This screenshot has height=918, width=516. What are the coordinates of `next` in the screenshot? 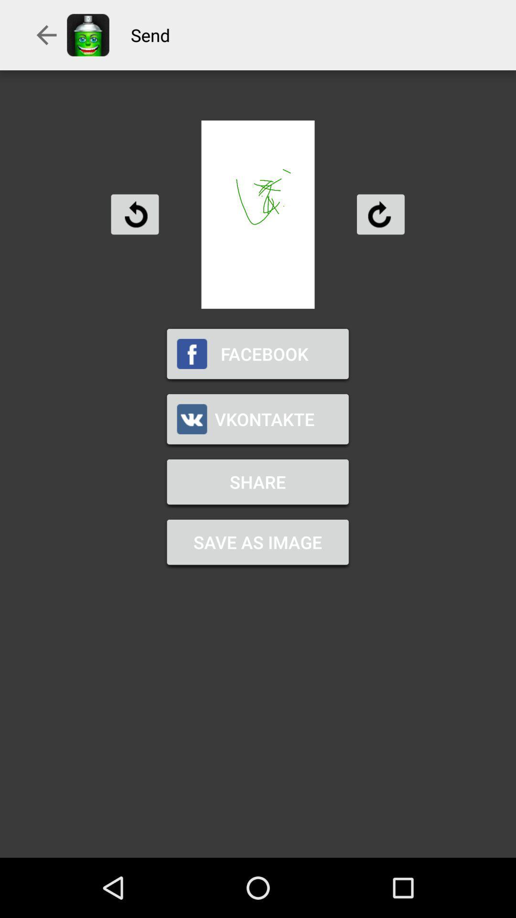 It's located at (380, 214).